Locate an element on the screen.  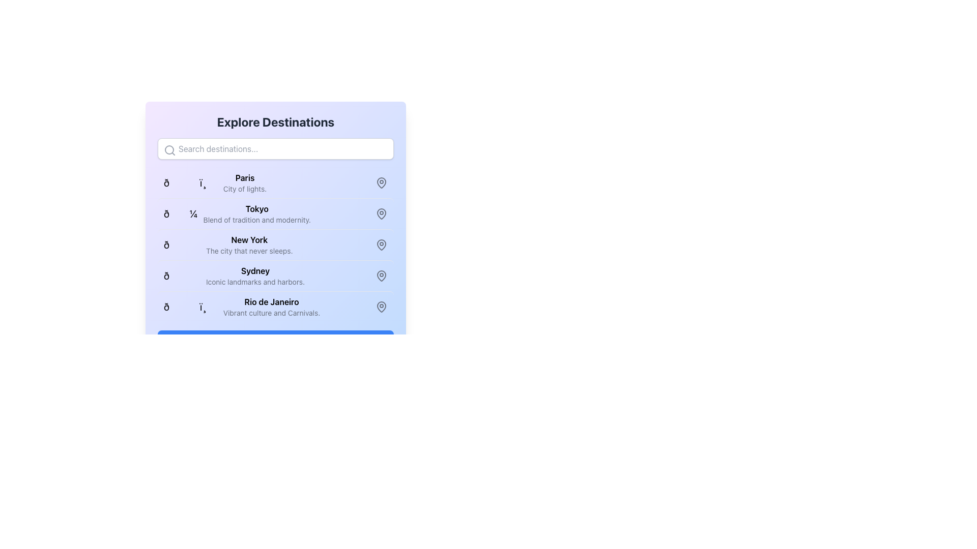
the first List Item titled 'Paris' with a subtitle 'City of lights.' is located at coordinates (276, 182).